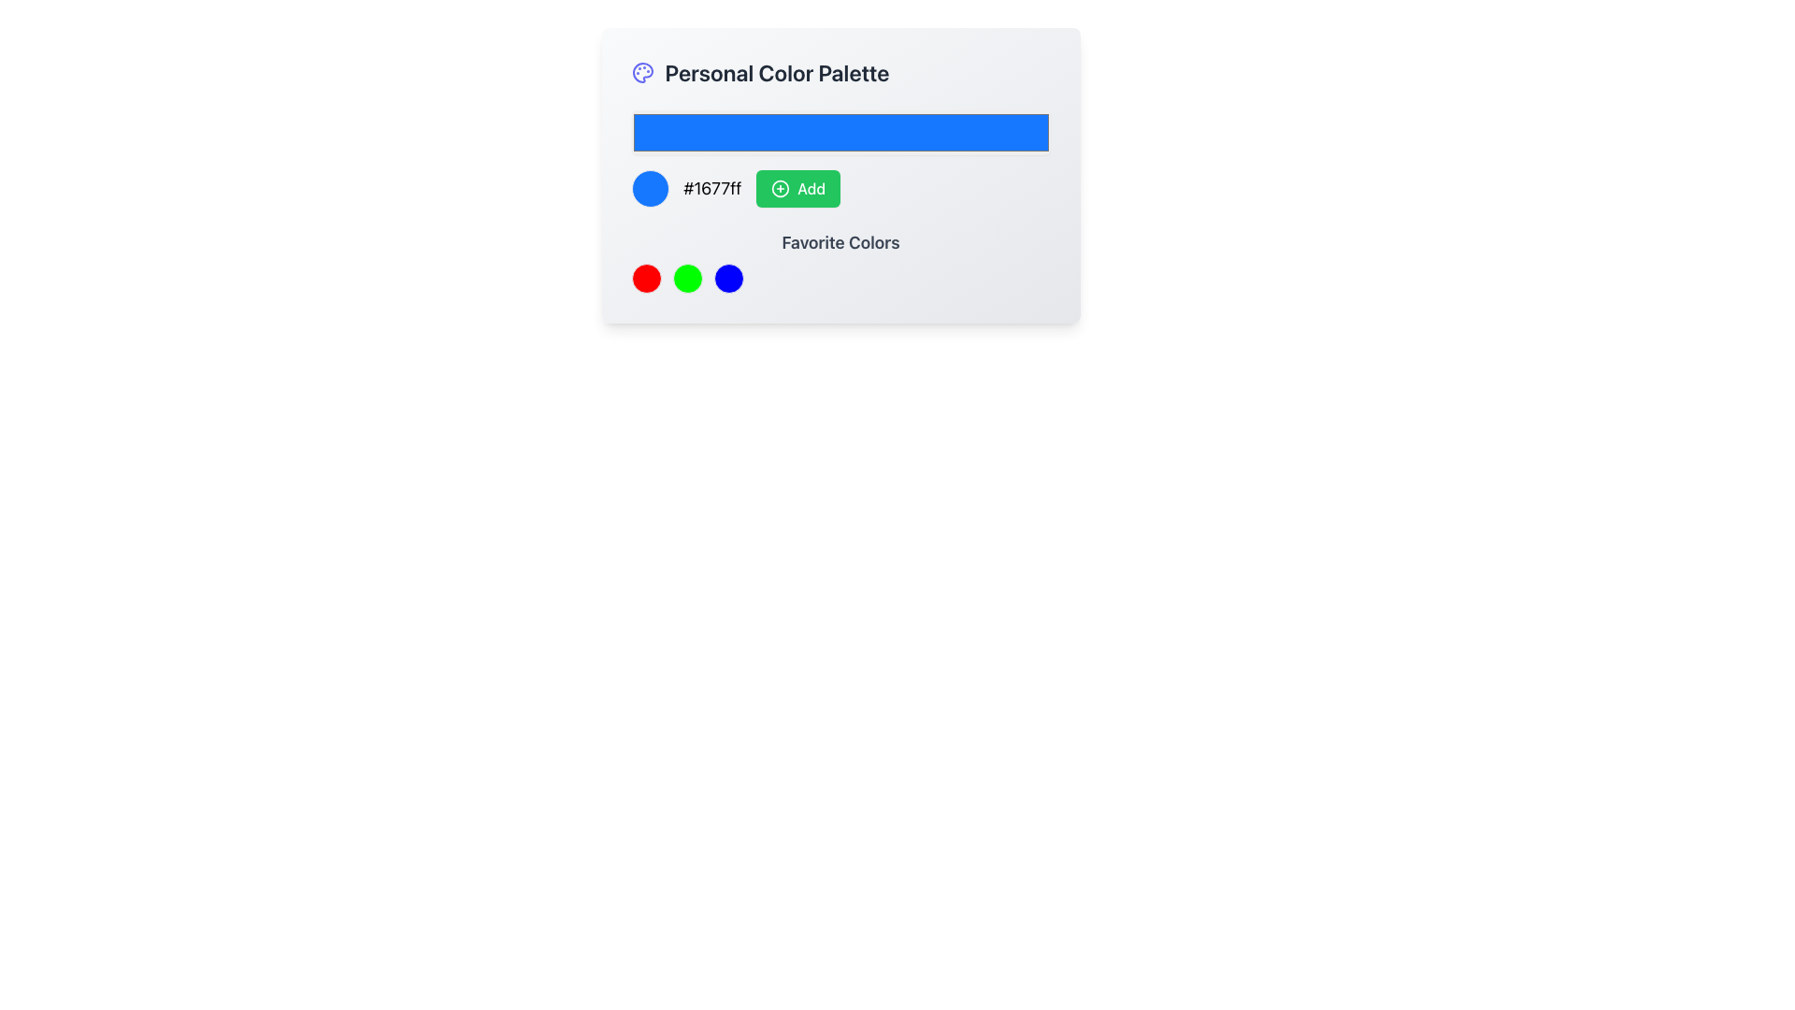 Image resolution: width=1795 pixels, height=1010 pixels. Describe the element at coordinates (727, 278) in the screenshot. I see `the deep blue circular color indicator button, which is the third in a row of circular buttons below 'Favorite Colors'` at that location.